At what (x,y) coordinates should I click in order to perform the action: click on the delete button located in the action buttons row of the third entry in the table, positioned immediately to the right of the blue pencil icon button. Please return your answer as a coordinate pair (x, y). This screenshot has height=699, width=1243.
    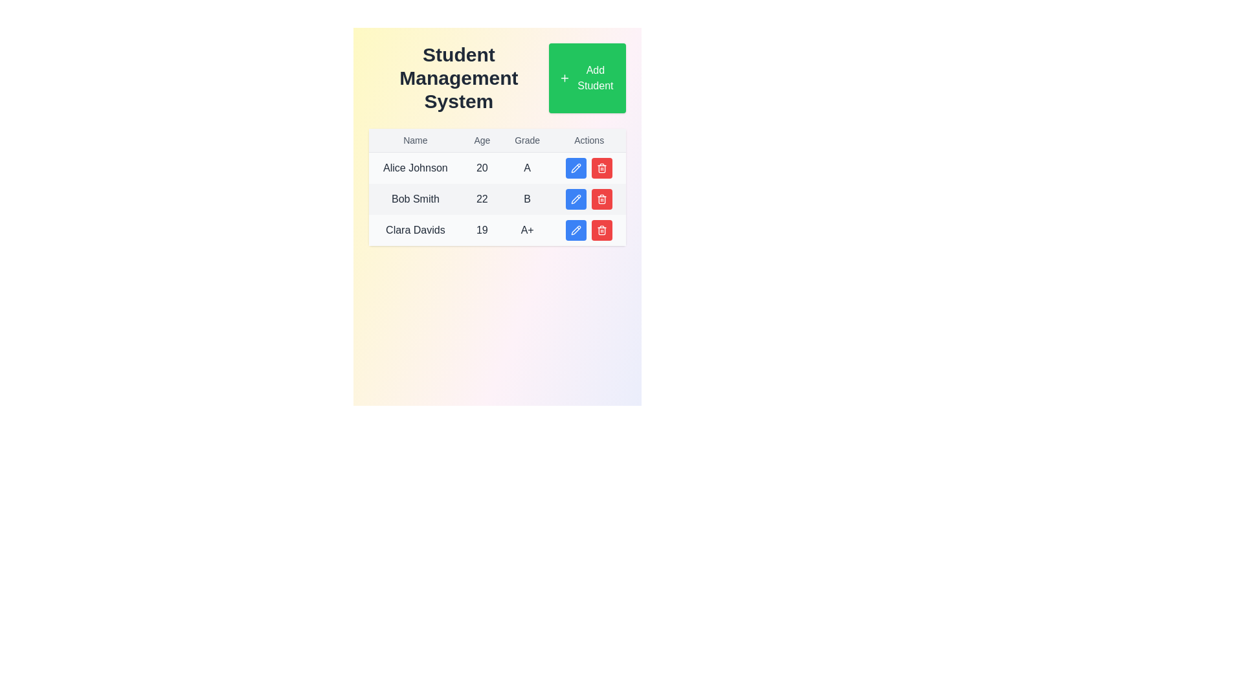
    Looking at the image, I should click on (601, 167).